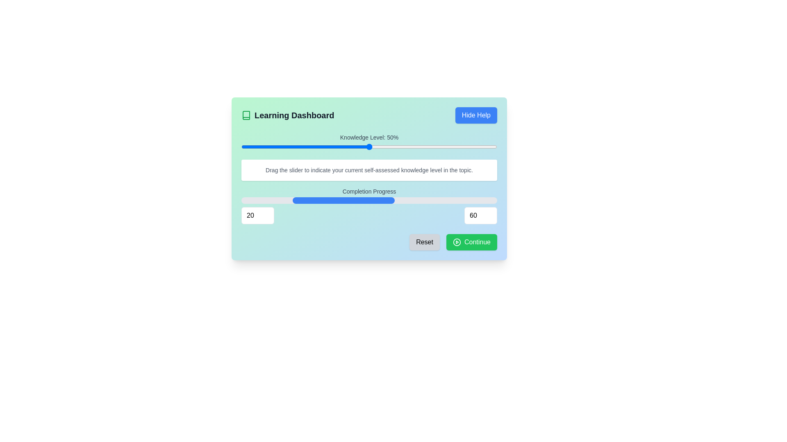 The image size is (787, 442). Describe the element at coordinates (343, 200) in the screenshot. I see `the width of the blue progress bar indicator, which is centered within the gray rounded progress bar, to determine the current progress` at that location.